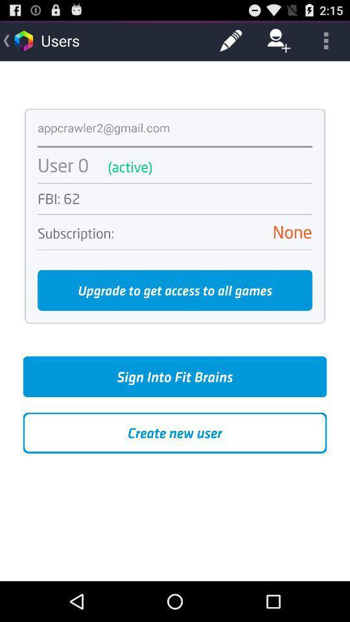 The image size is (350, 622). What do you see at coordinates (175, 433) in the screenshot?
I see `create new user at the bottom` at bounding box center [175, 433].